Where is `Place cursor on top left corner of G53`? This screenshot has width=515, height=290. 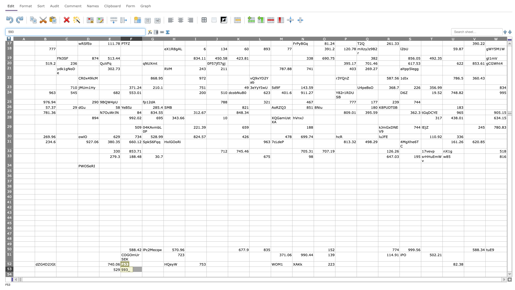 Place cursor on top left corner of G53 is located at coordinates (142, 266).